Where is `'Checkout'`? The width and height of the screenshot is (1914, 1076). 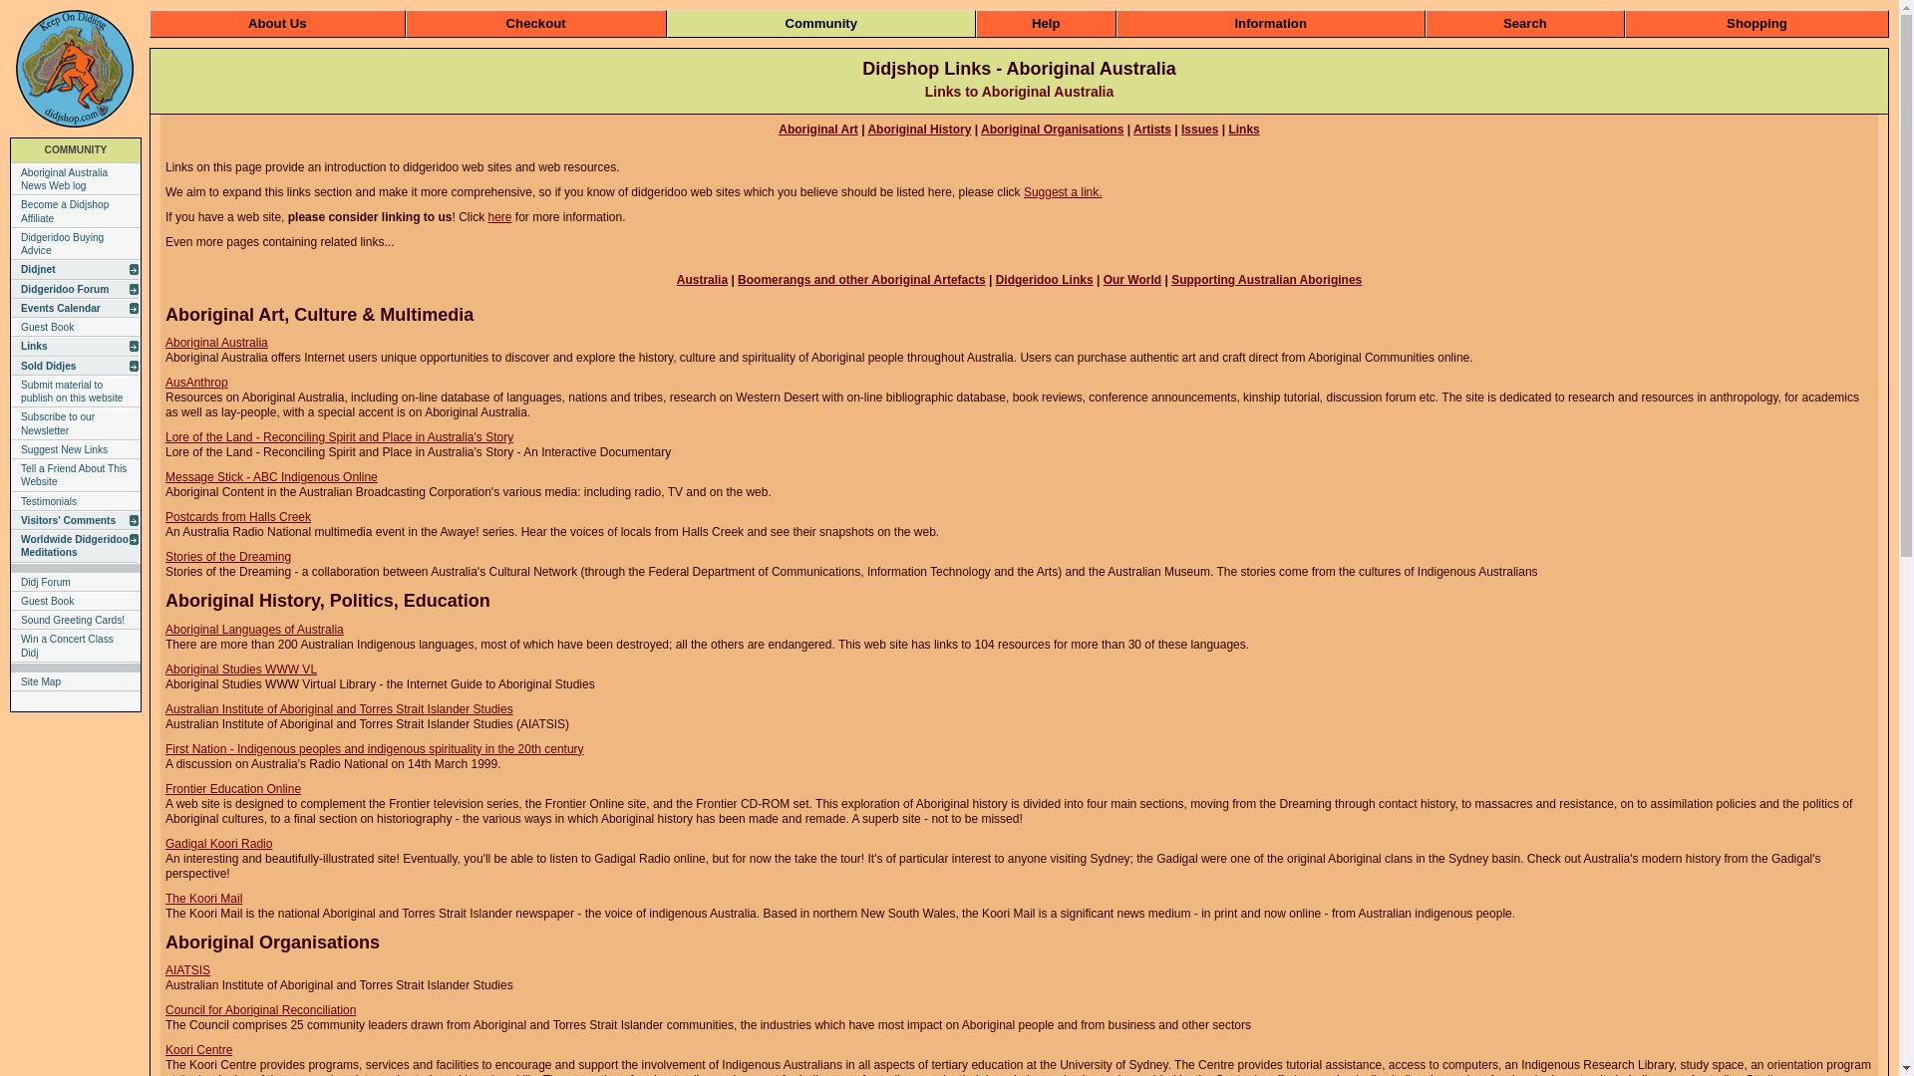 'Checkout' is located at coordinates (535, 23).